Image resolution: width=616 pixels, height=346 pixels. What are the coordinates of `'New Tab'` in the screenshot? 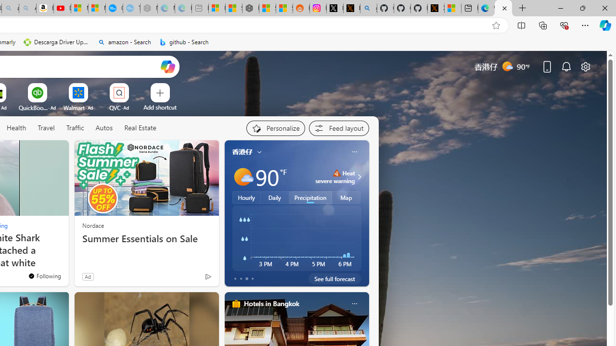 It's located at (522, 8).